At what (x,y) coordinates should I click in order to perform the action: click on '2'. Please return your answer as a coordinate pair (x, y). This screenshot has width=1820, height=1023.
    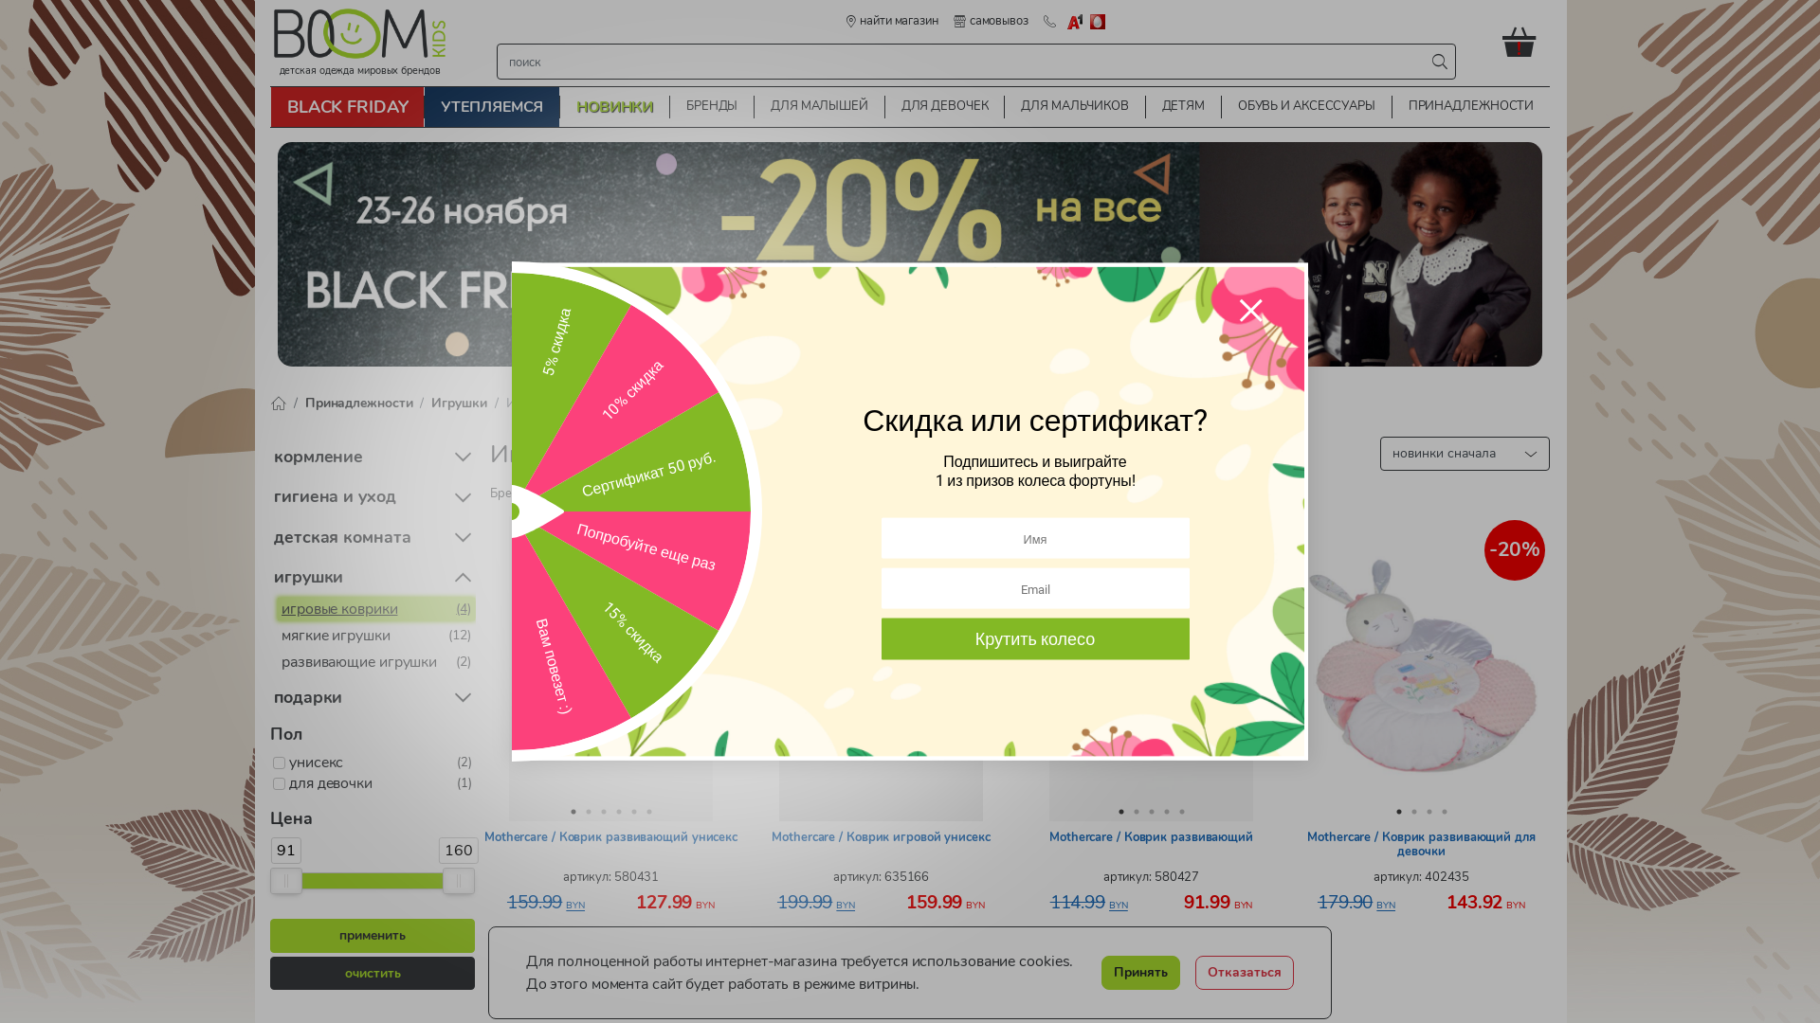
    Looking at the image, I should click on (586, 810).